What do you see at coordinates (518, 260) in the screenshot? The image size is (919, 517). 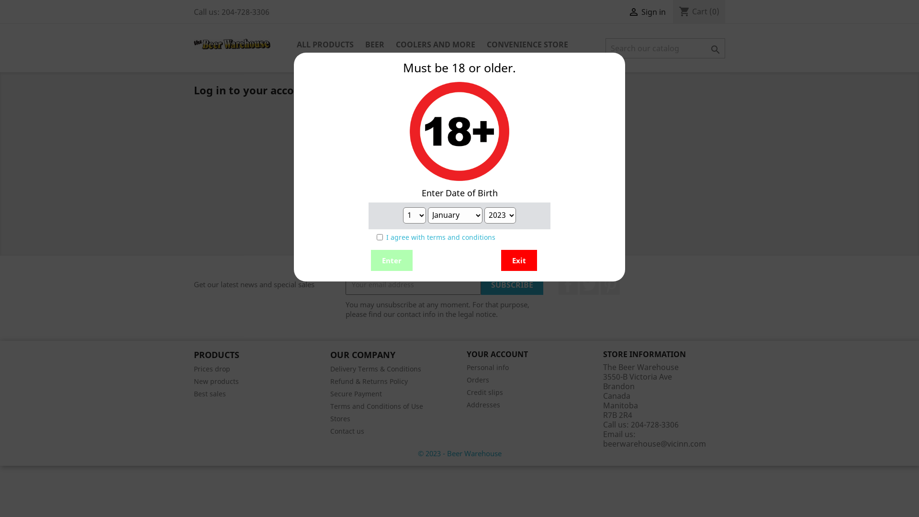 I see `'Exit'` at bounding box center [518, 260].